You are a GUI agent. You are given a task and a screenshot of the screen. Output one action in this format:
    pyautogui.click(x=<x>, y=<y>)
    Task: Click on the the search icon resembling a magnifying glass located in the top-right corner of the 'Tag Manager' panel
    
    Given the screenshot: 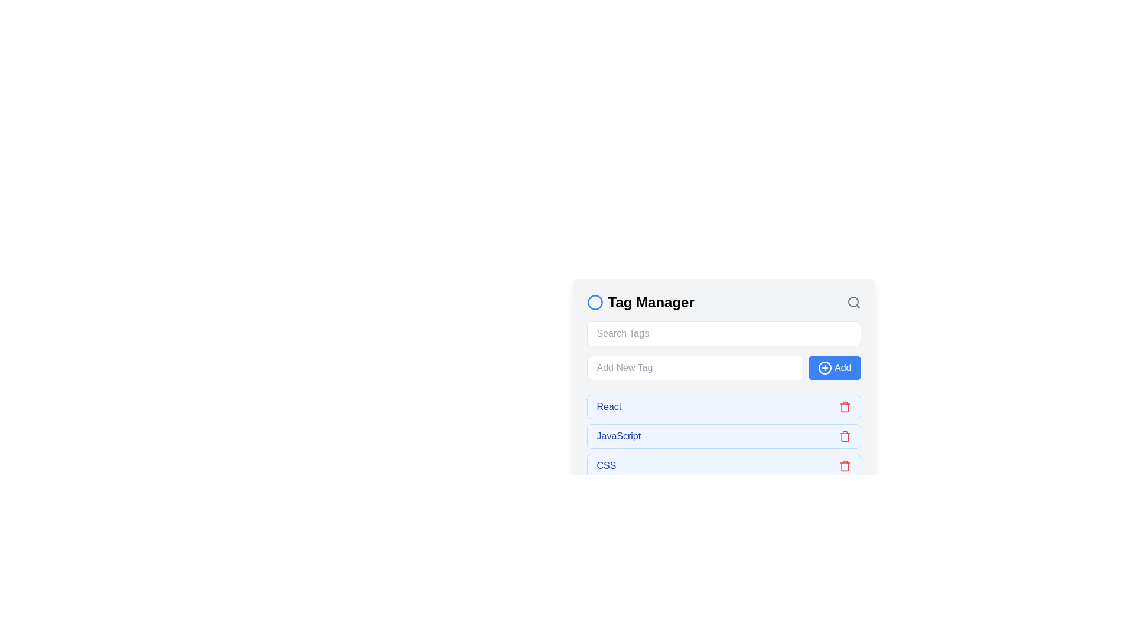 What is the action you would take?
    pyautogui.click(x=853, y=302)
    